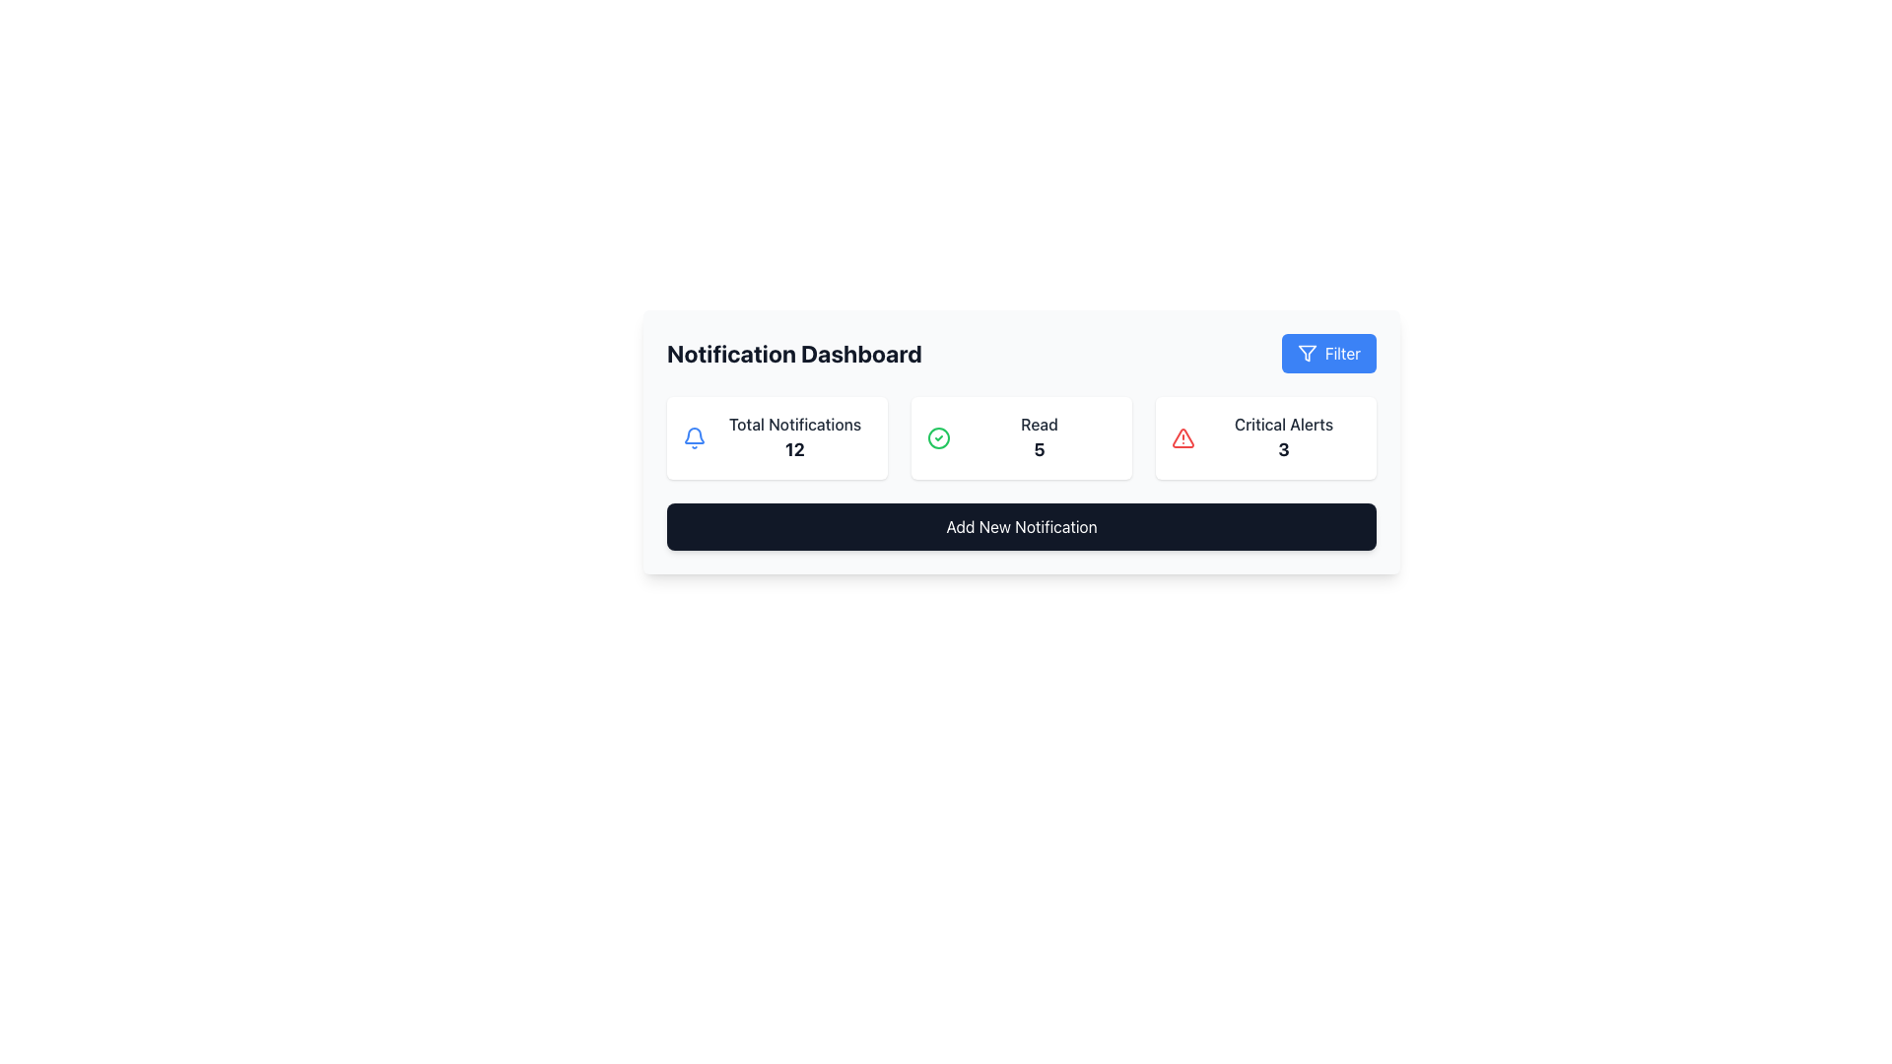 This screenshot has width=1892, height=1064. I want to click on the third card in the grid layout that displays critical alerts and the alert count in bold, so click(1266, 436).